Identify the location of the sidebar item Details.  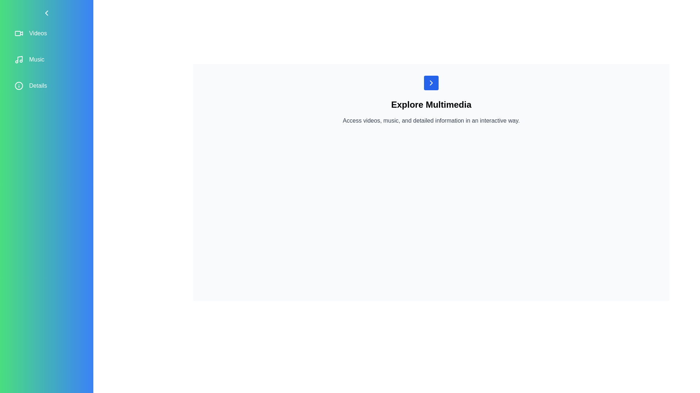
(46, 85).